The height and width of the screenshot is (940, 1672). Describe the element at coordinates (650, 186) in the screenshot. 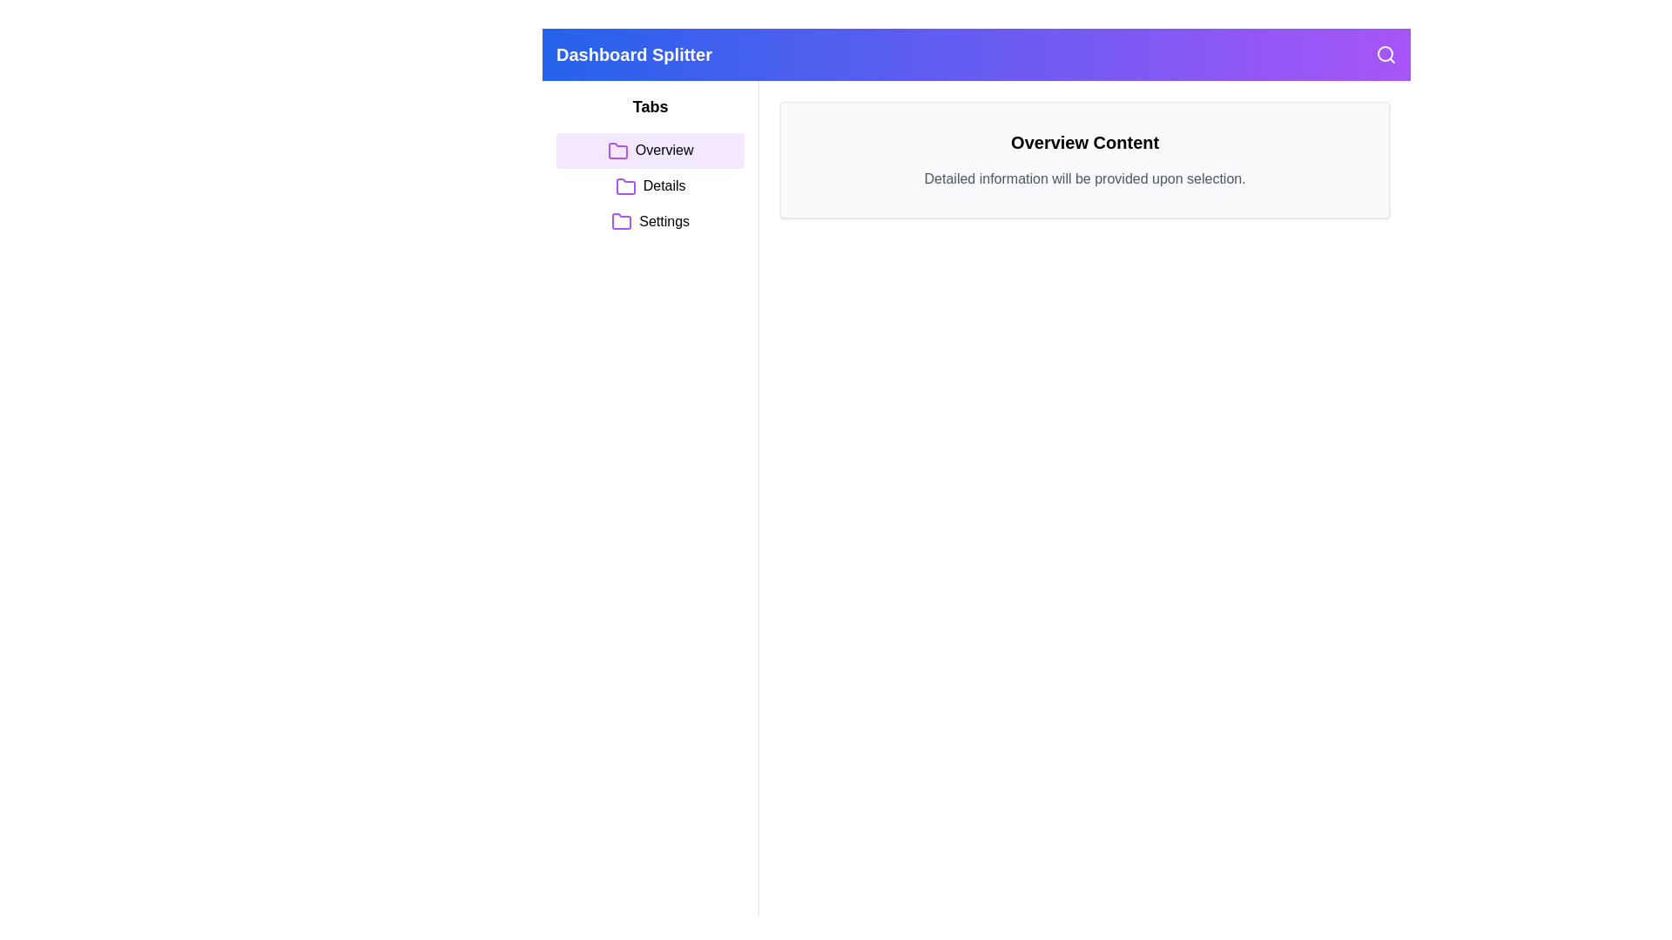

I see `the second item in the vertical menu group located in the left sidebar` at that location.